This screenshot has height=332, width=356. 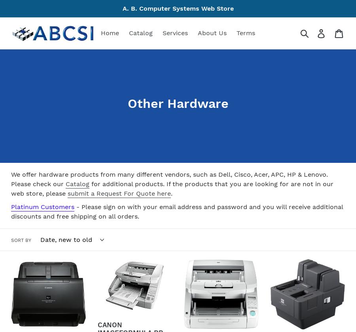 What do you see at coordinates (178, 8) in the screenshot?
I see `'A. B. Computer Systems Web Store'` at bounding box center [178, 8].